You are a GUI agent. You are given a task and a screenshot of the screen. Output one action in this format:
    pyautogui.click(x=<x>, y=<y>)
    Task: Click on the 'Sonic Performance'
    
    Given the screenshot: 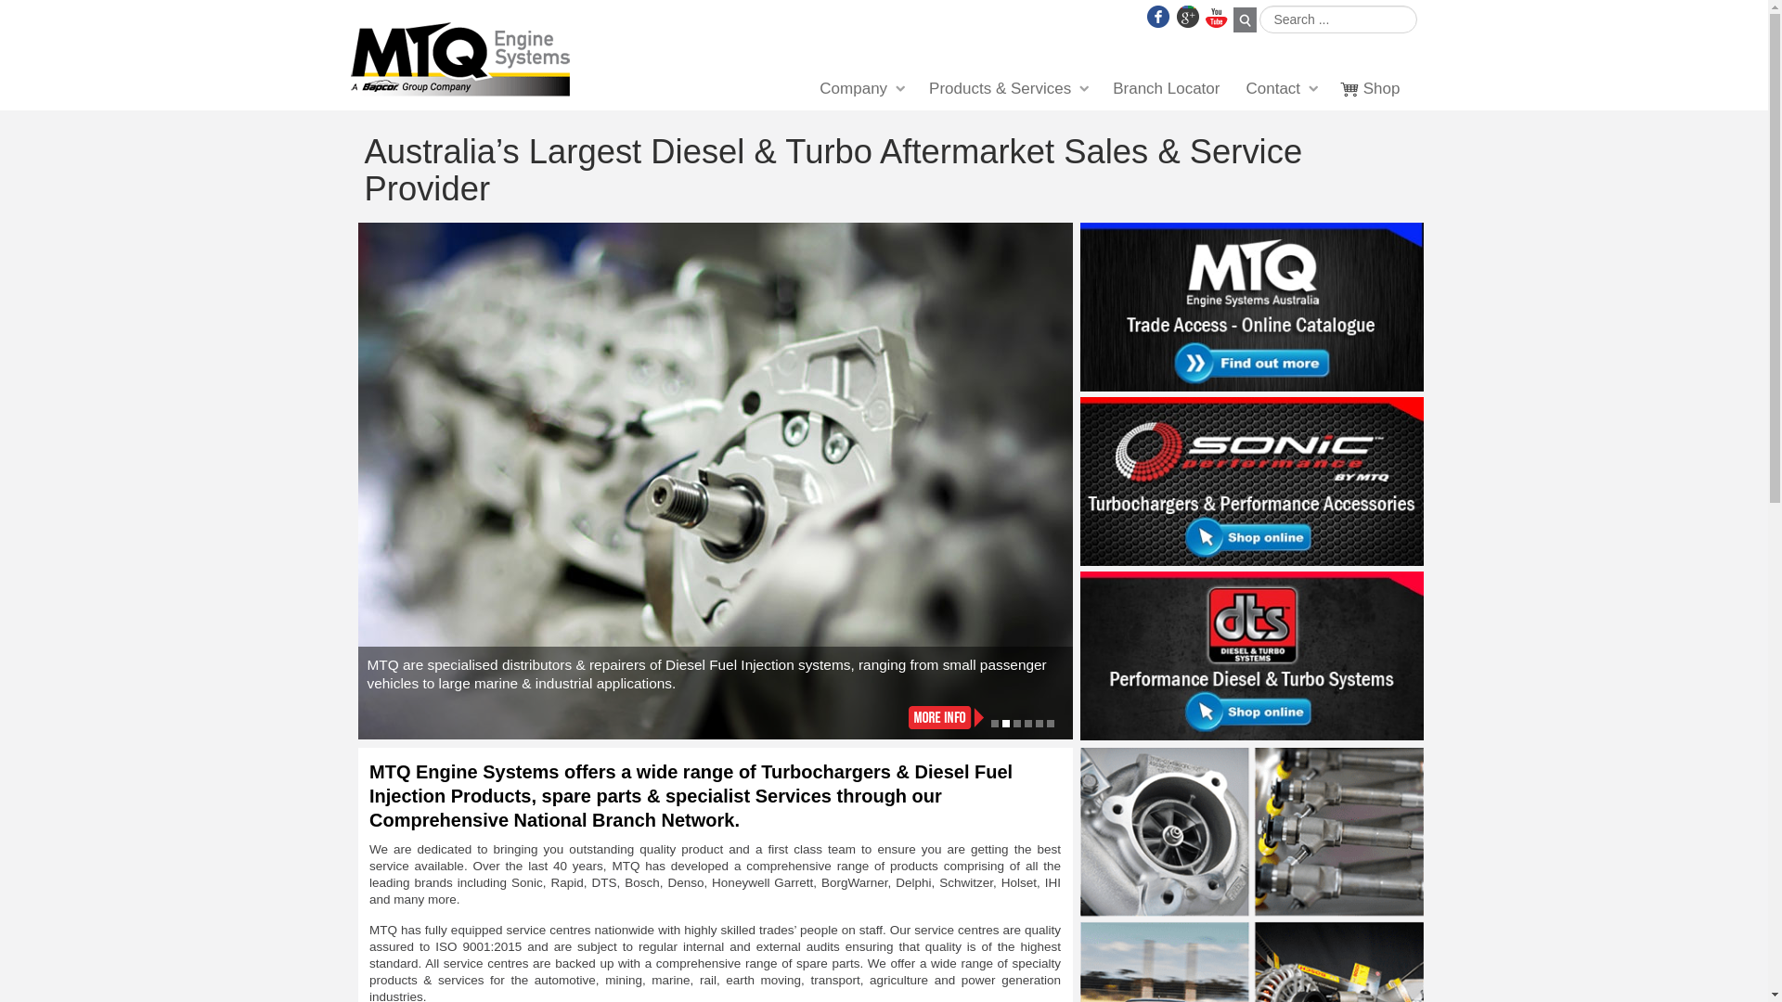 What is the action you would take?
    pyautogui.click(x=1251, y=482)
    